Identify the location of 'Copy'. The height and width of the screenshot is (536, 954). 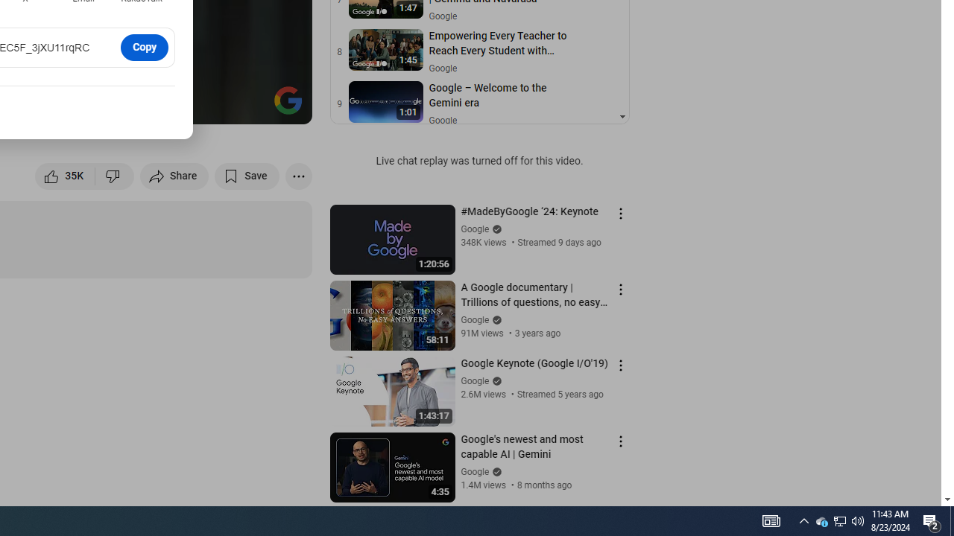
(145, 46).